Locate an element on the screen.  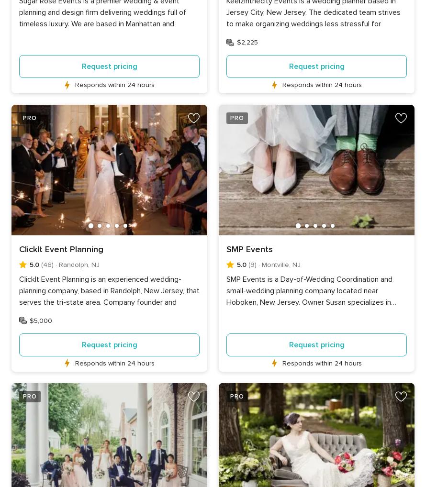
'Randolph, NJ' is located at coordinates (58, 264).